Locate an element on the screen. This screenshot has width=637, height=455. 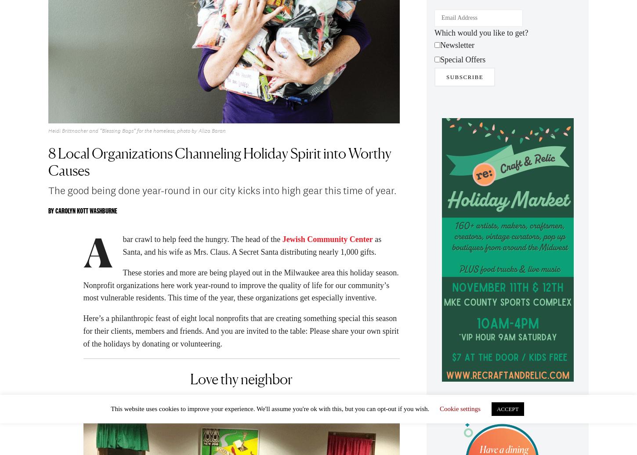
'as Santa, and his wife as Mrs. Claus. A Secret Santa distributing nearly 1,000 gifts.' is located at coordinates (252, 248).